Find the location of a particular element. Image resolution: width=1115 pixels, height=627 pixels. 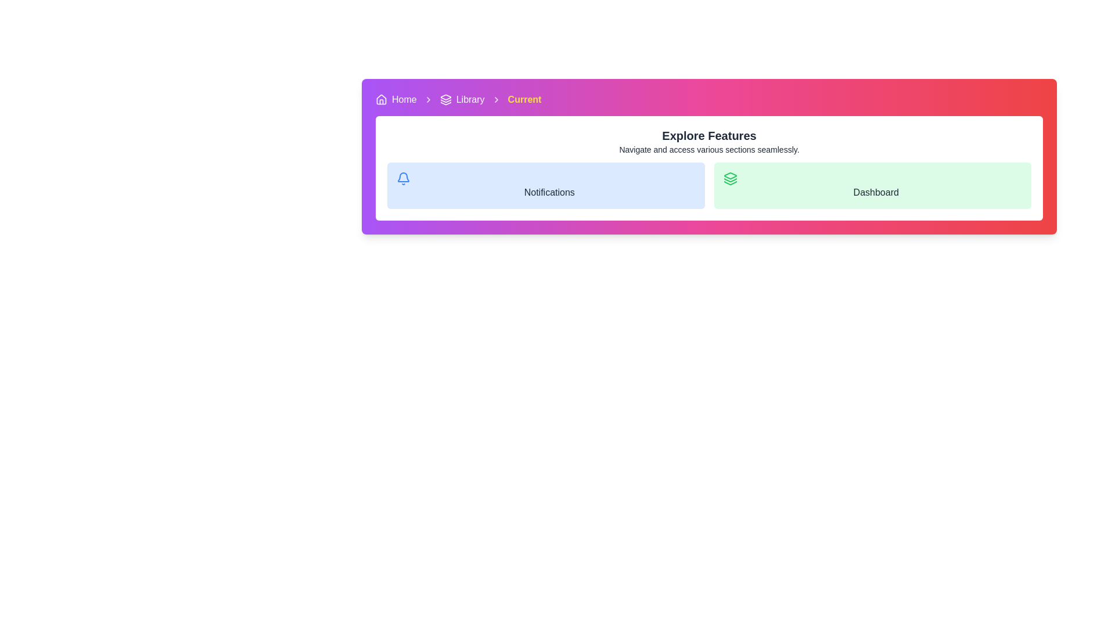

the 'Dashboard' button, which is a rectangular clickable button with a green background and an icon resembling stacked layers on the left is located at coordinates (872, 185).